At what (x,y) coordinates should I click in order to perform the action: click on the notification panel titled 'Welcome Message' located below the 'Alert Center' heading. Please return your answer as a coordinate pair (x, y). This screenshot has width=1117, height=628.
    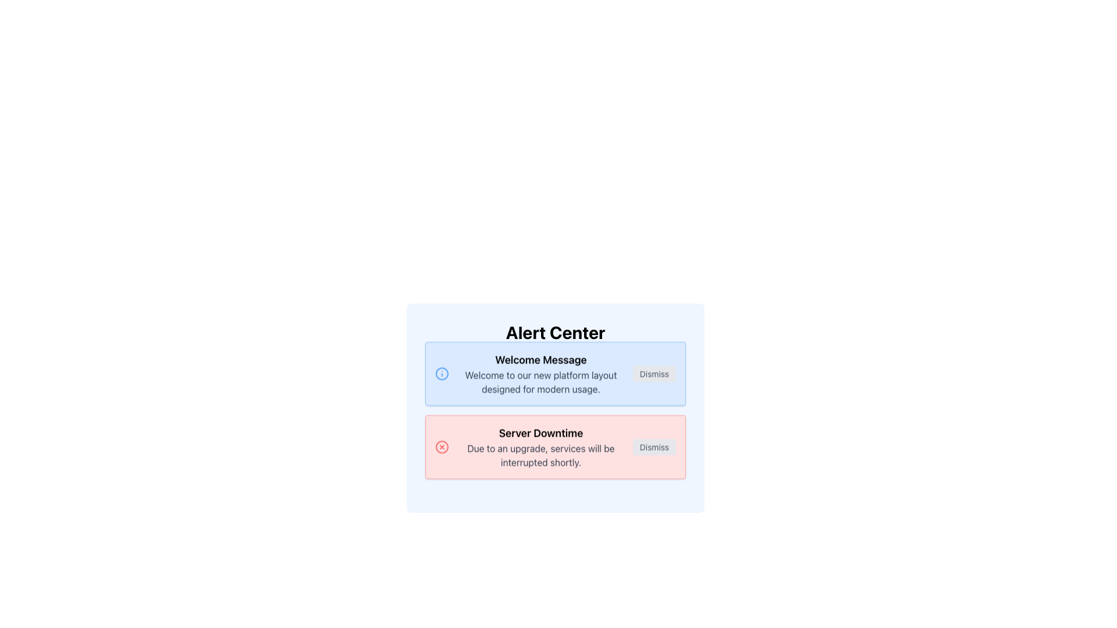
    Looking at the image, I should click on (555, 408).